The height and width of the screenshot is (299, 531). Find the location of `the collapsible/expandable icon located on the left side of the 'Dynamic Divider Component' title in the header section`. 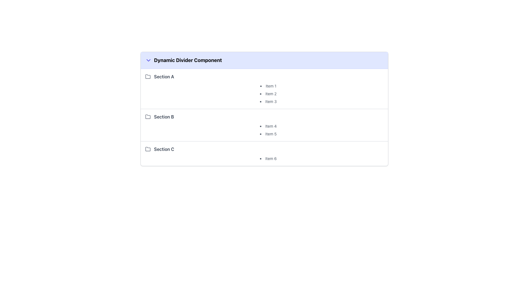

the collapsible/expandable icon located on the left side of the 'Dynamic Divider Component' title in the header section is located at coordinates (149, 60).